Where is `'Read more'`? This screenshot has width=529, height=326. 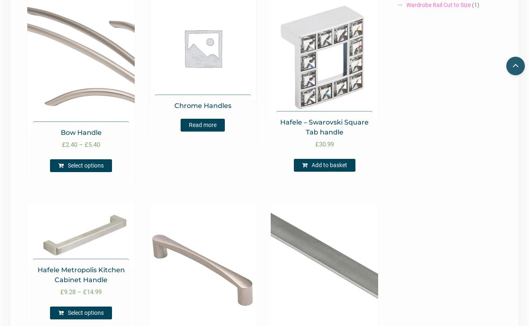 'Read more' is located at coordinates (203, 125).